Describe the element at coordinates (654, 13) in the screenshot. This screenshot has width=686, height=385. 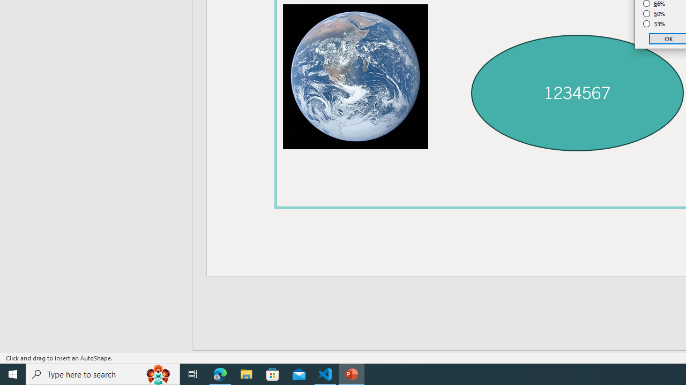
I see `'50%'` at that location.